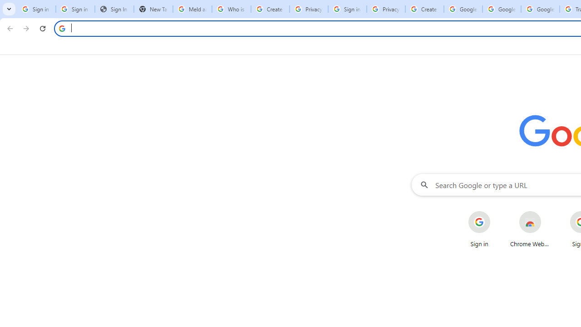 The image size is (581, 327). What do you see at coordinates (424, 9) in the screenshot?
I see `'Create your Google Account'` at bounding box center [424, 9].